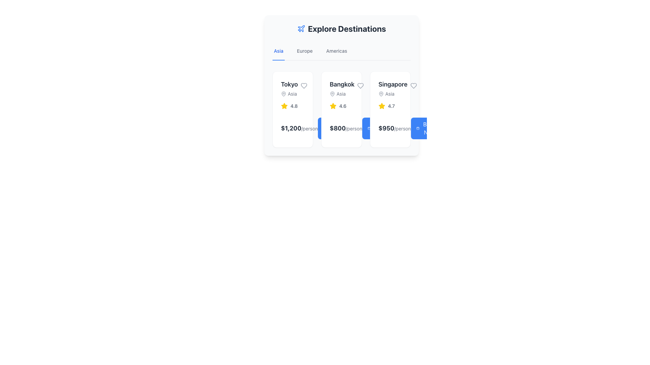  What do you see at coordinates (417, 128) in the screenshot?
I see `the small calendar icon that is centrally placed within the 'Book Now' button to interact with the booking functionality` at bounding box center [417, 128].